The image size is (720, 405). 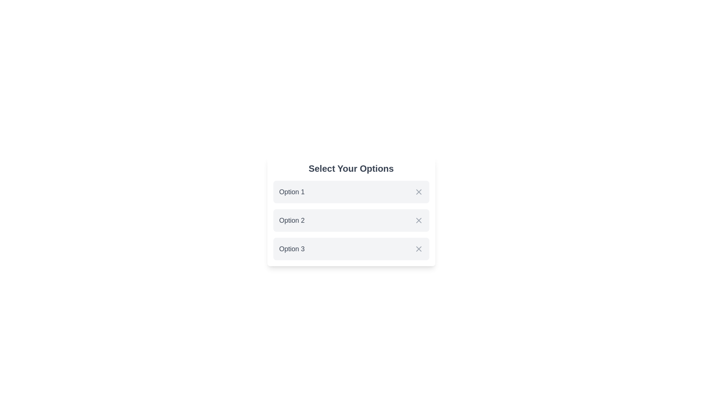 I want to click on the delete icon button located at the top-right of the list item representing 'Option 1', so click(x=418, y=192).